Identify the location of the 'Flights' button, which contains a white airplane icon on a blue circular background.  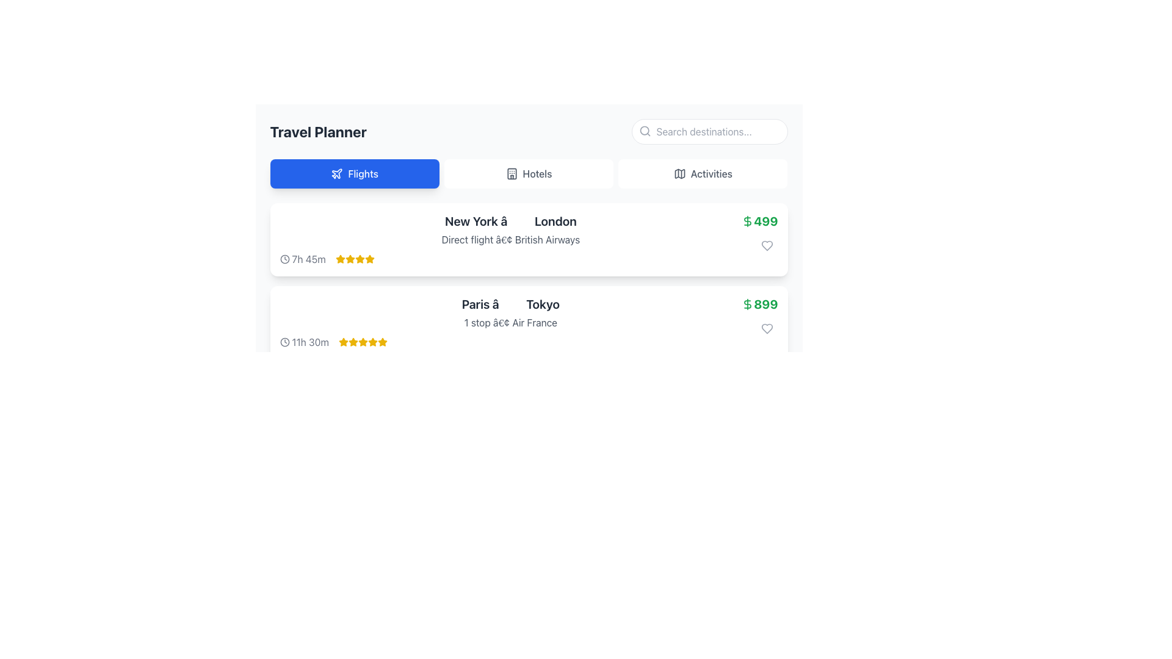
(337, 174).